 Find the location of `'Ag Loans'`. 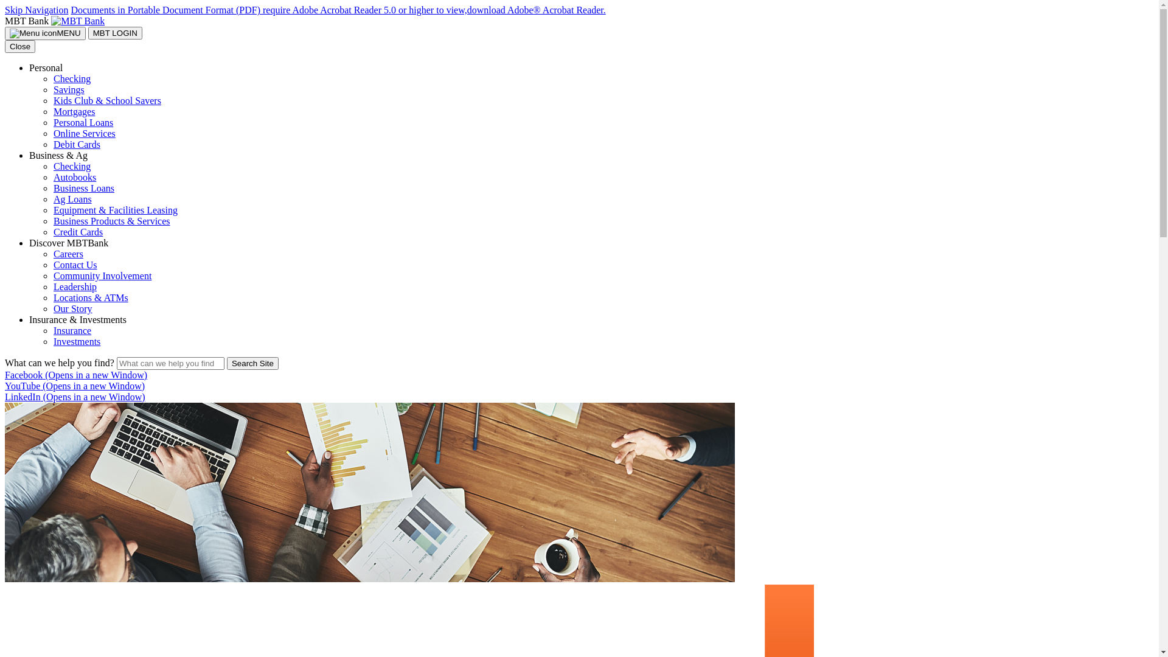

'Ag Loans' is located at coordinates (52, 198).